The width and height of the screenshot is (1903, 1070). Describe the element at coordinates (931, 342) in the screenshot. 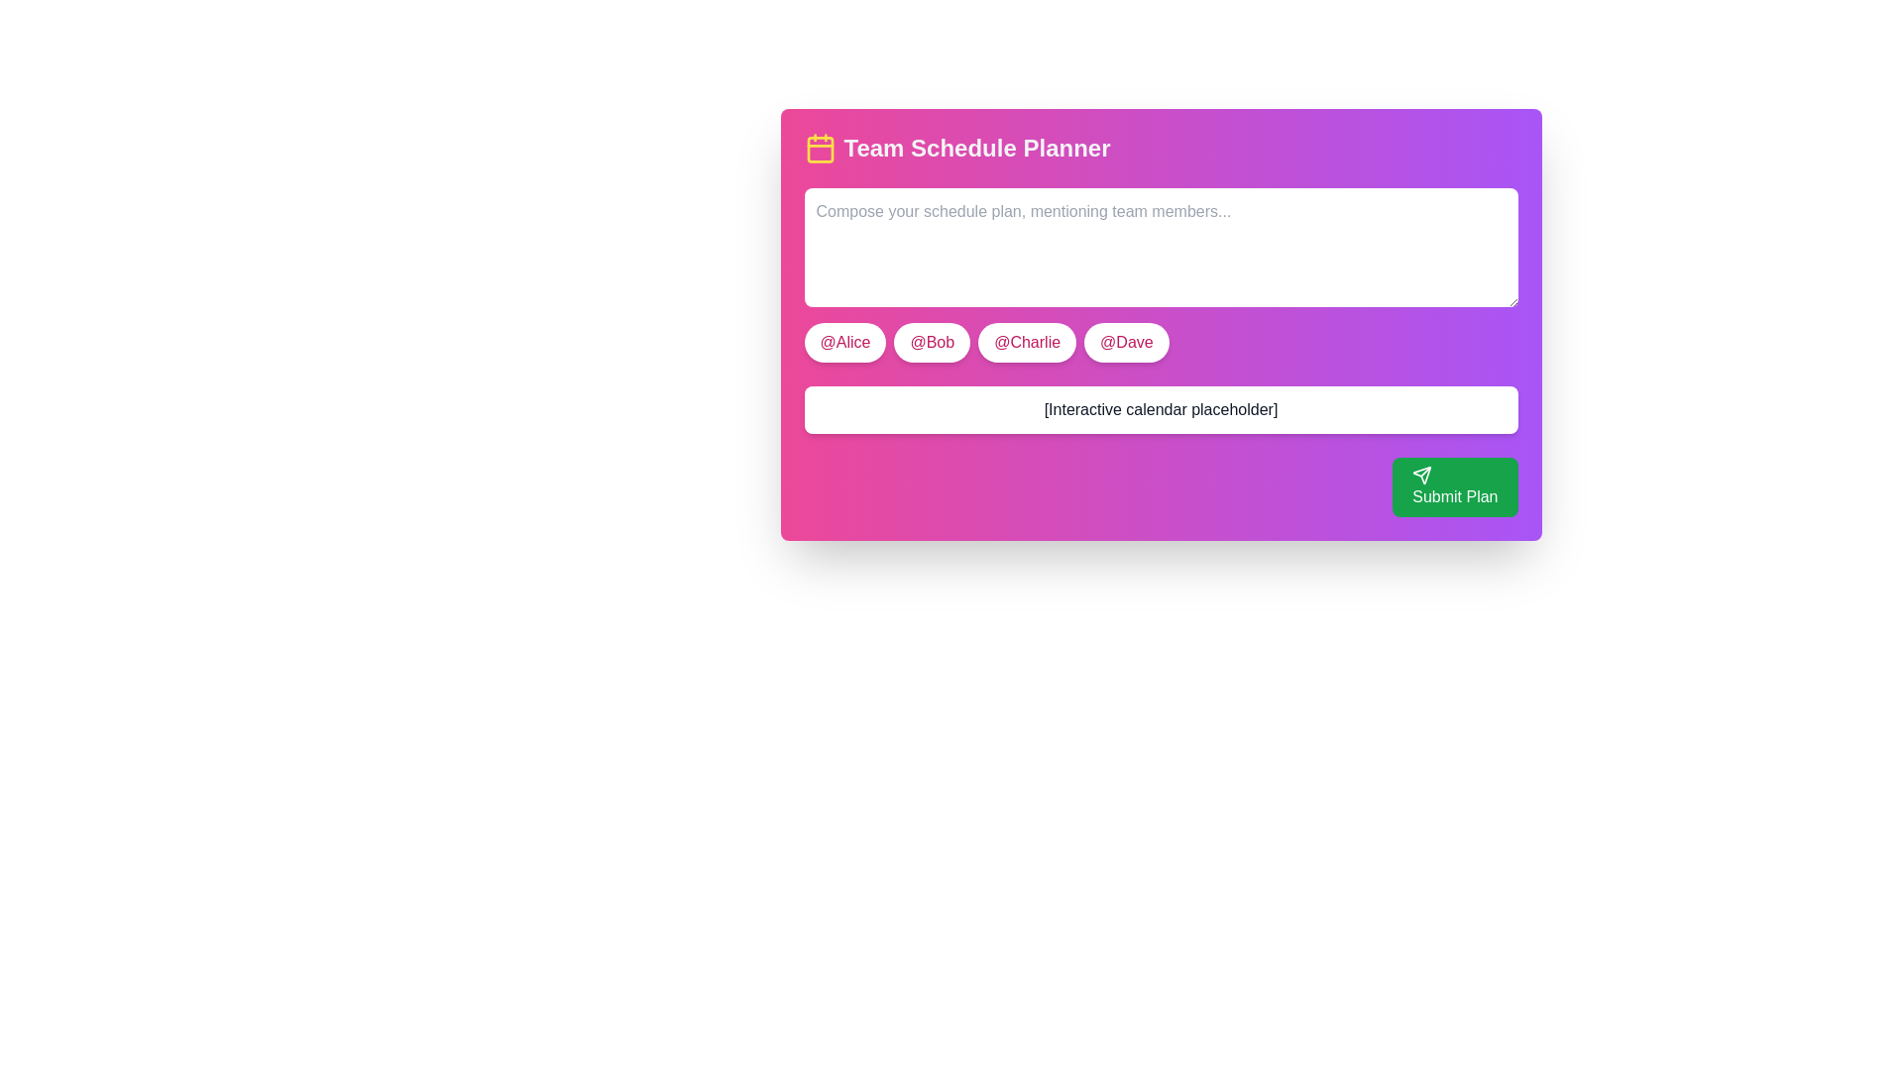

I see `keyboard navigation` at that location.